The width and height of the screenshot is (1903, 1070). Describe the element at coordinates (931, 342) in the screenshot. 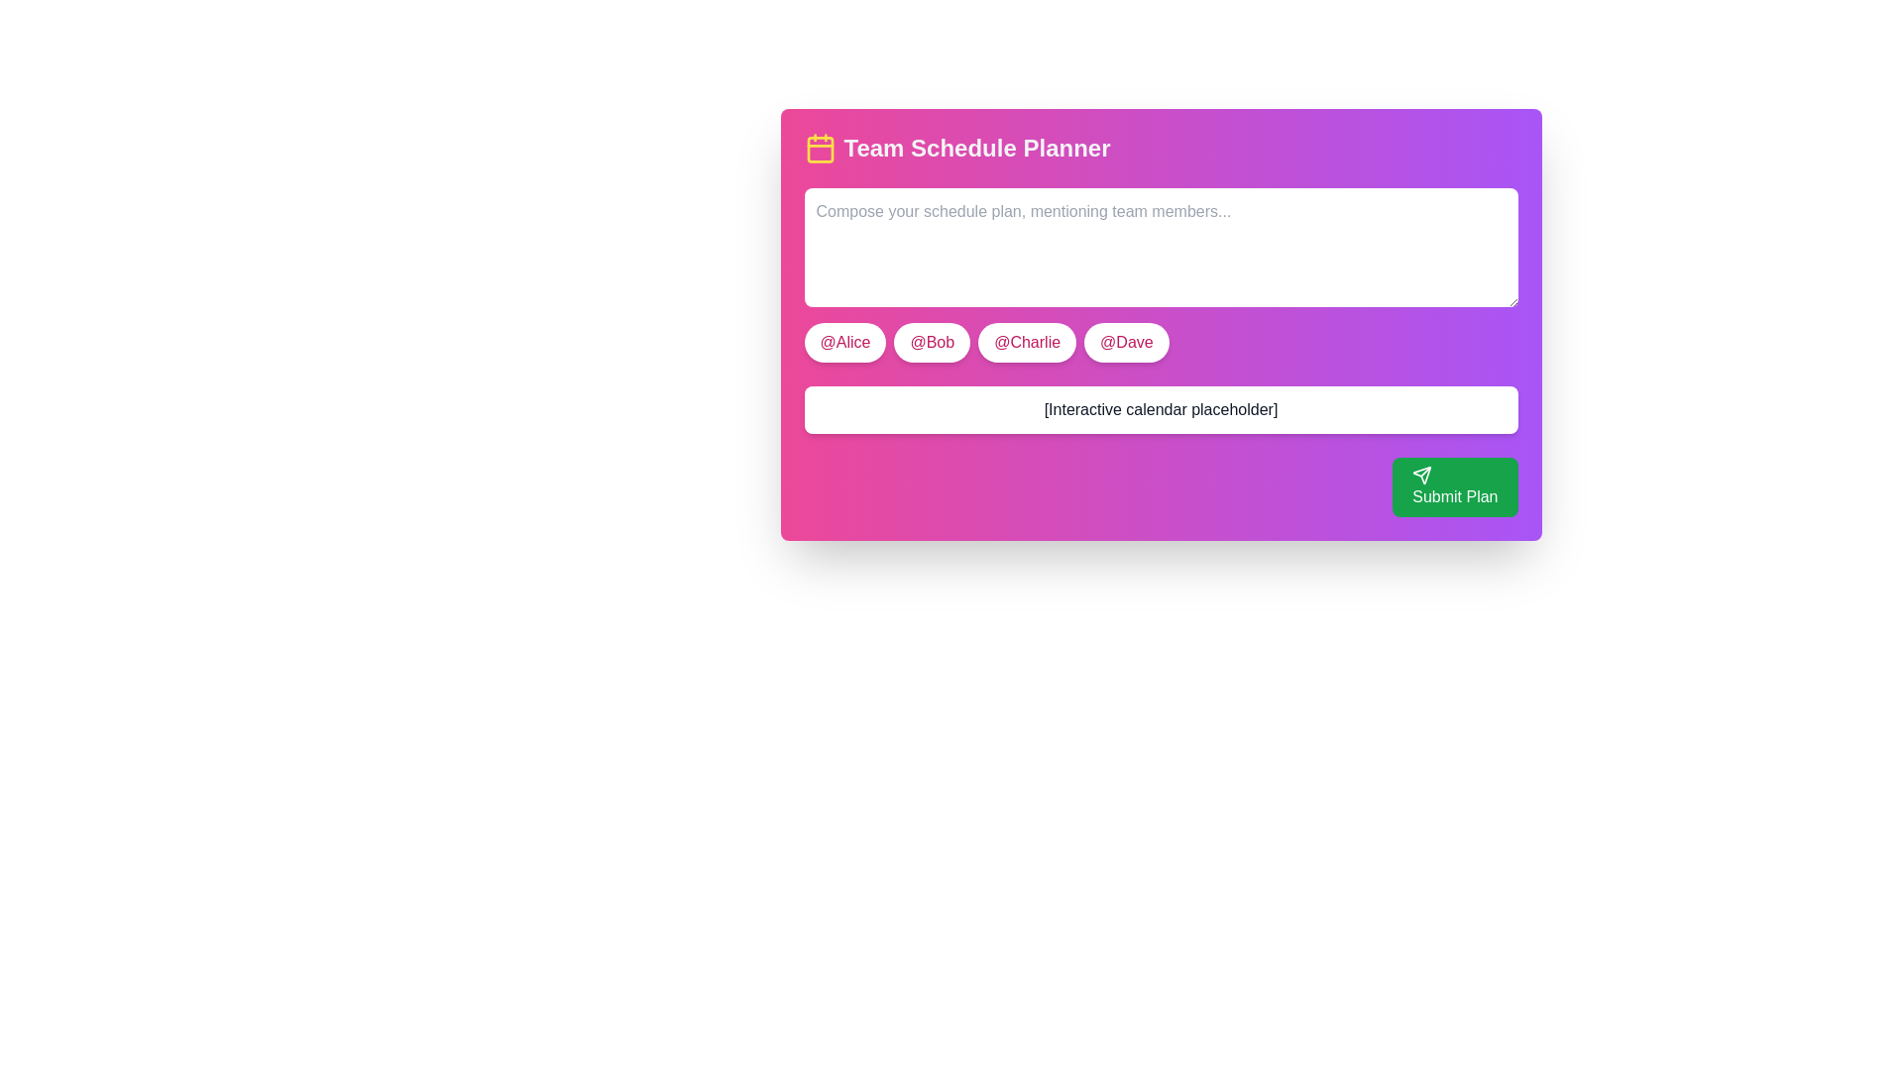

I see `keyboard navigation` at that location.